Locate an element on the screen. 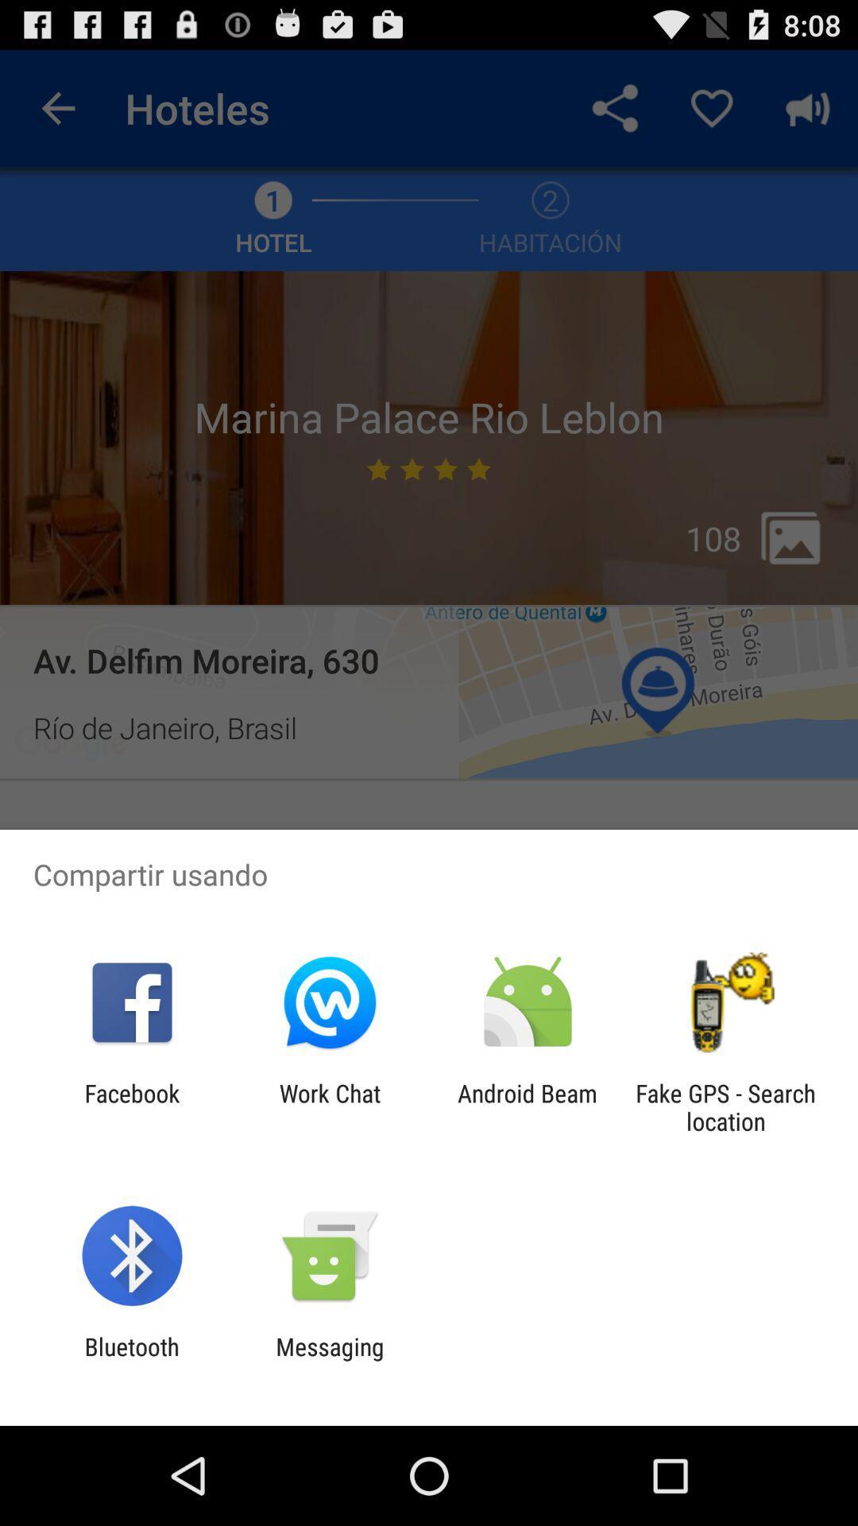 This screenshot has height=1526, width=858. app next to work chat icon is located at coordinates (131, 1106).